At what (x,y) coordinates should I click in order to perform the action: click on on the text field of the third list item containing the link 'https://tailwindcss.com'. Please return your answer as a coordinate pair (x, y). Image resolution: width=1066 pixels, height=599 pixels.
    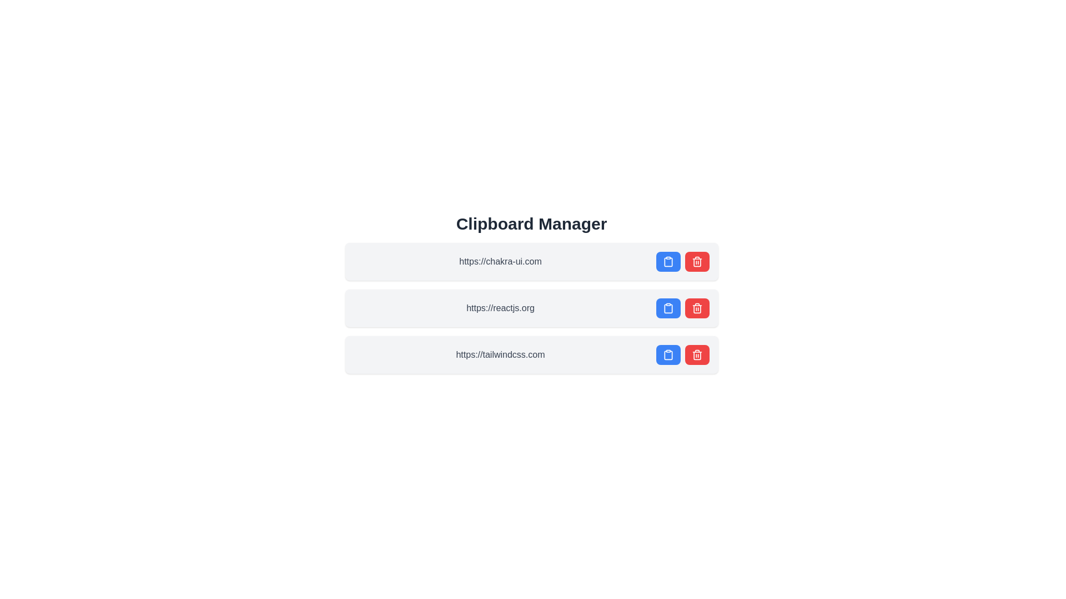
    Looking at the image, I should click on (531, 355).